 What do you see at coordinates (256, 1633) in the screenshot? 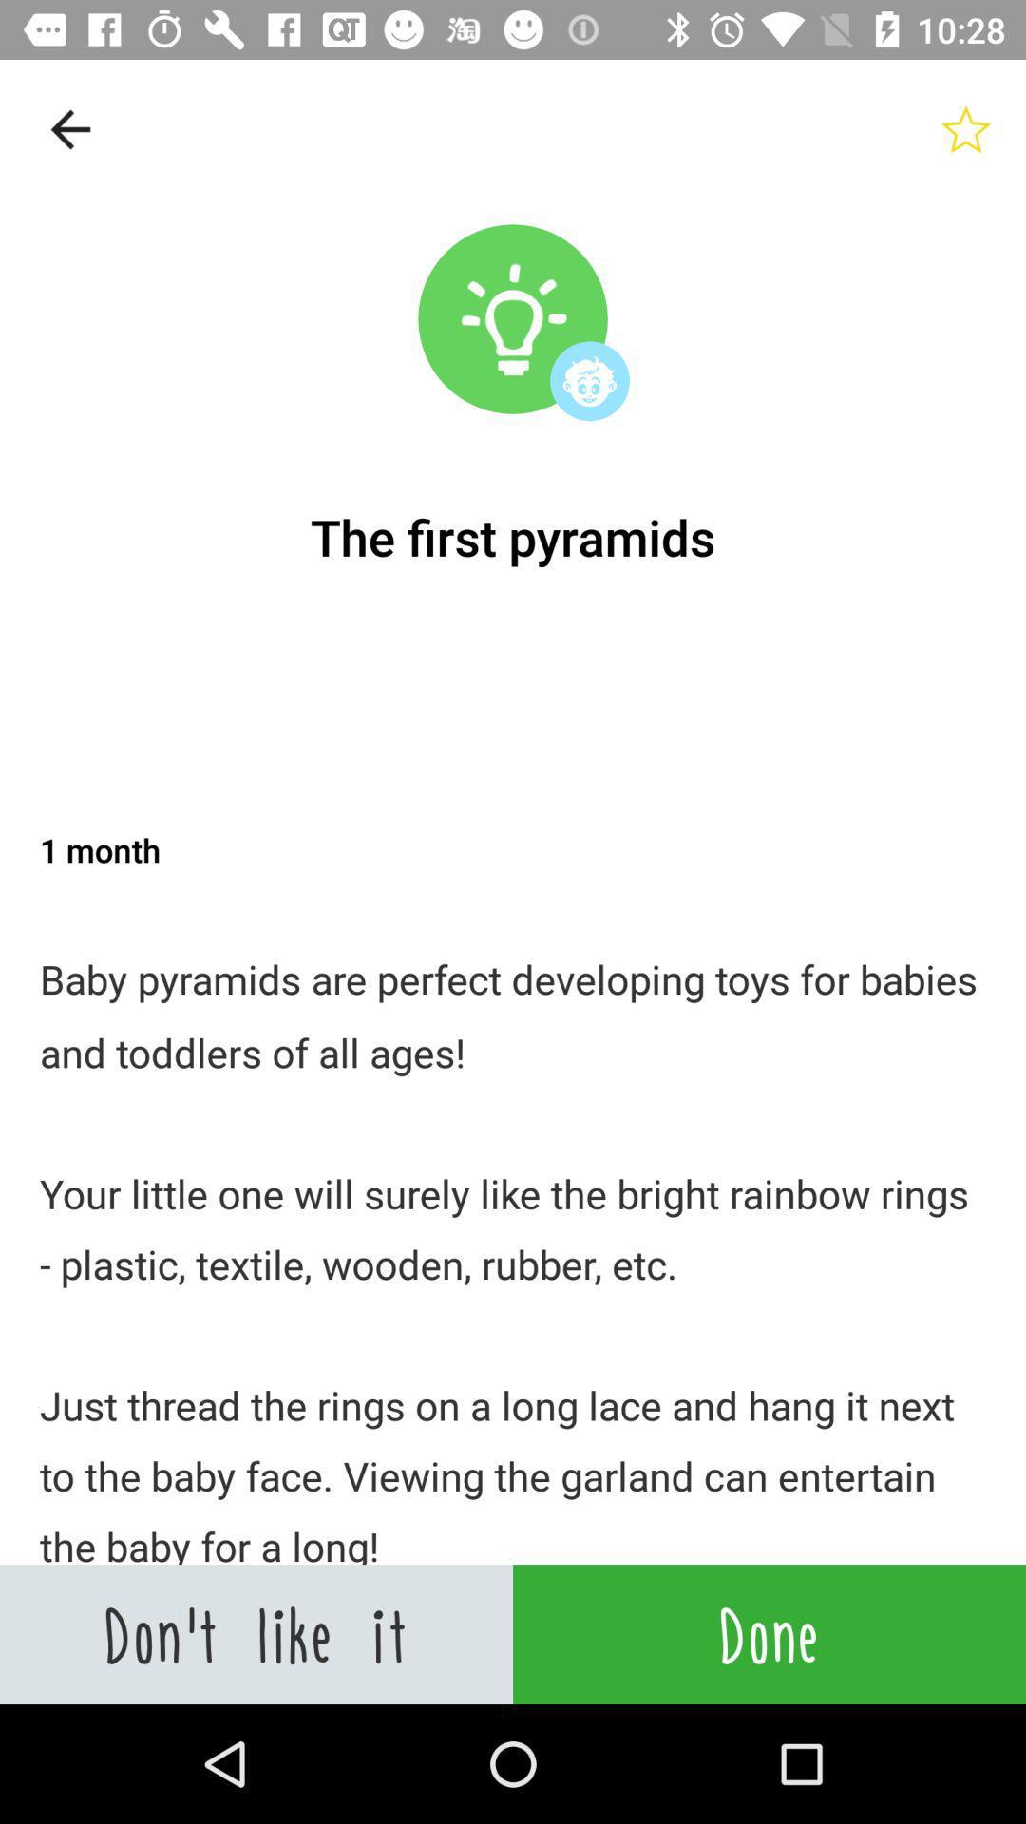
I see `icon to the left of done icon` at bounding box center [256, 1633].